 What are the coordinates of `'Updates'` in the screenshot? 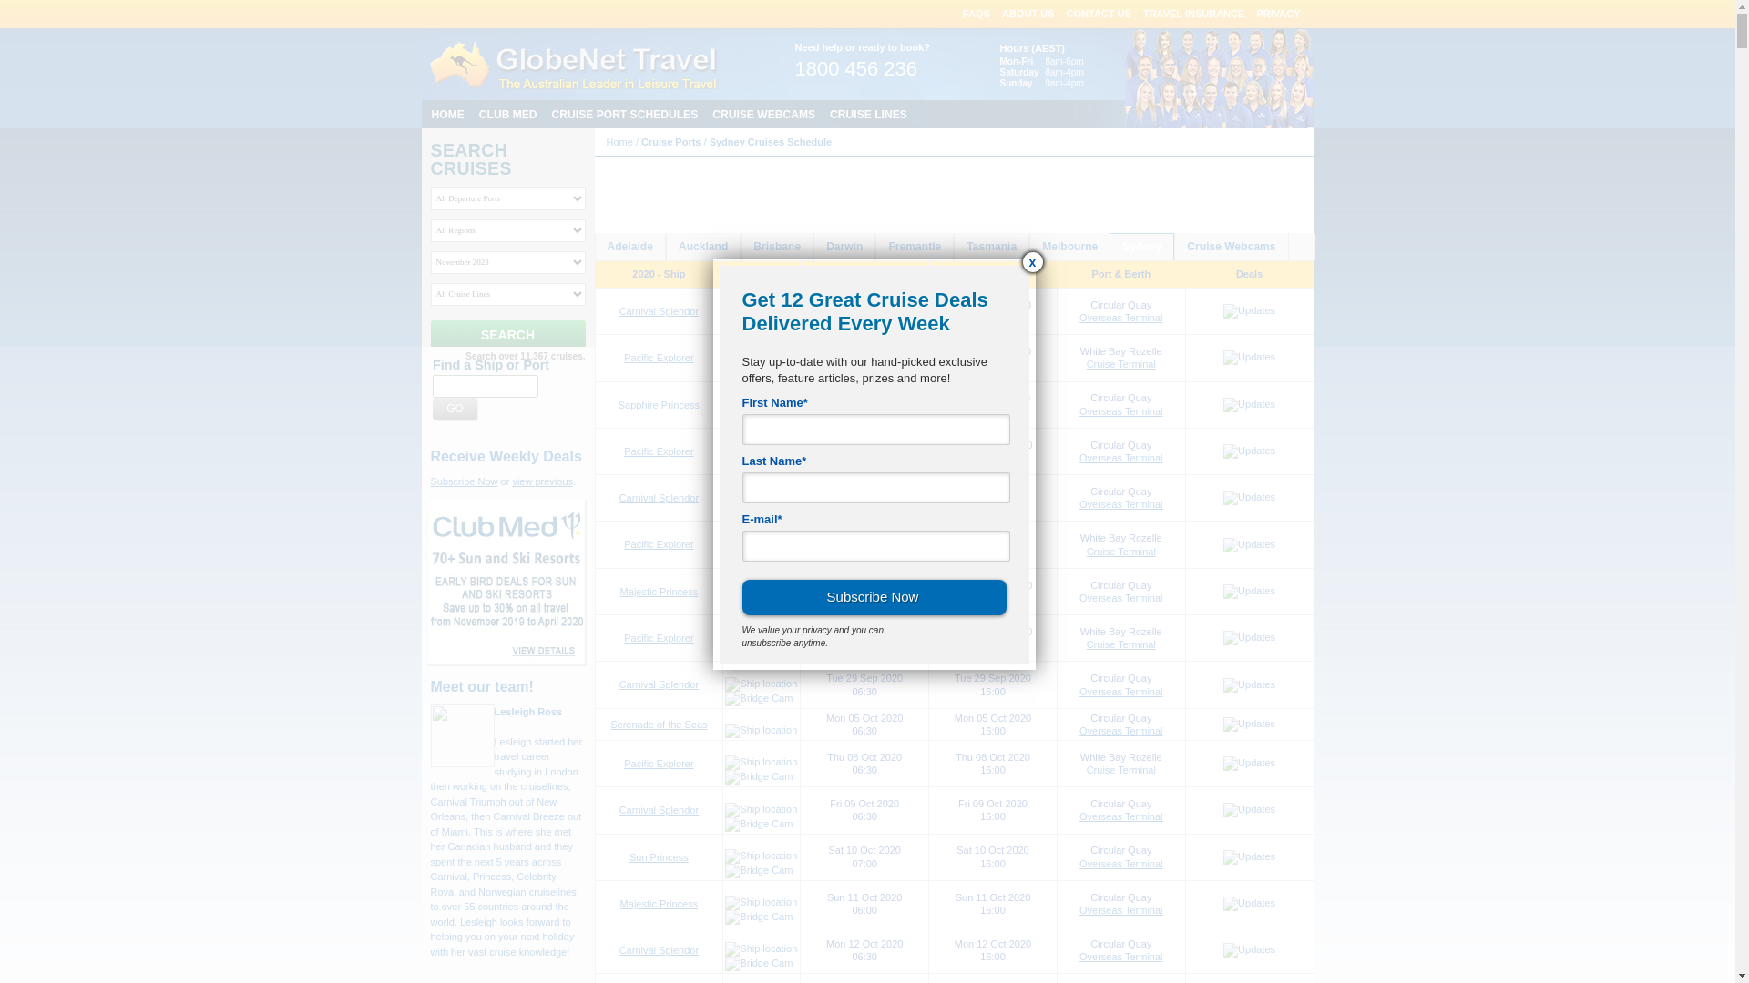 It's located at (1248, 684).